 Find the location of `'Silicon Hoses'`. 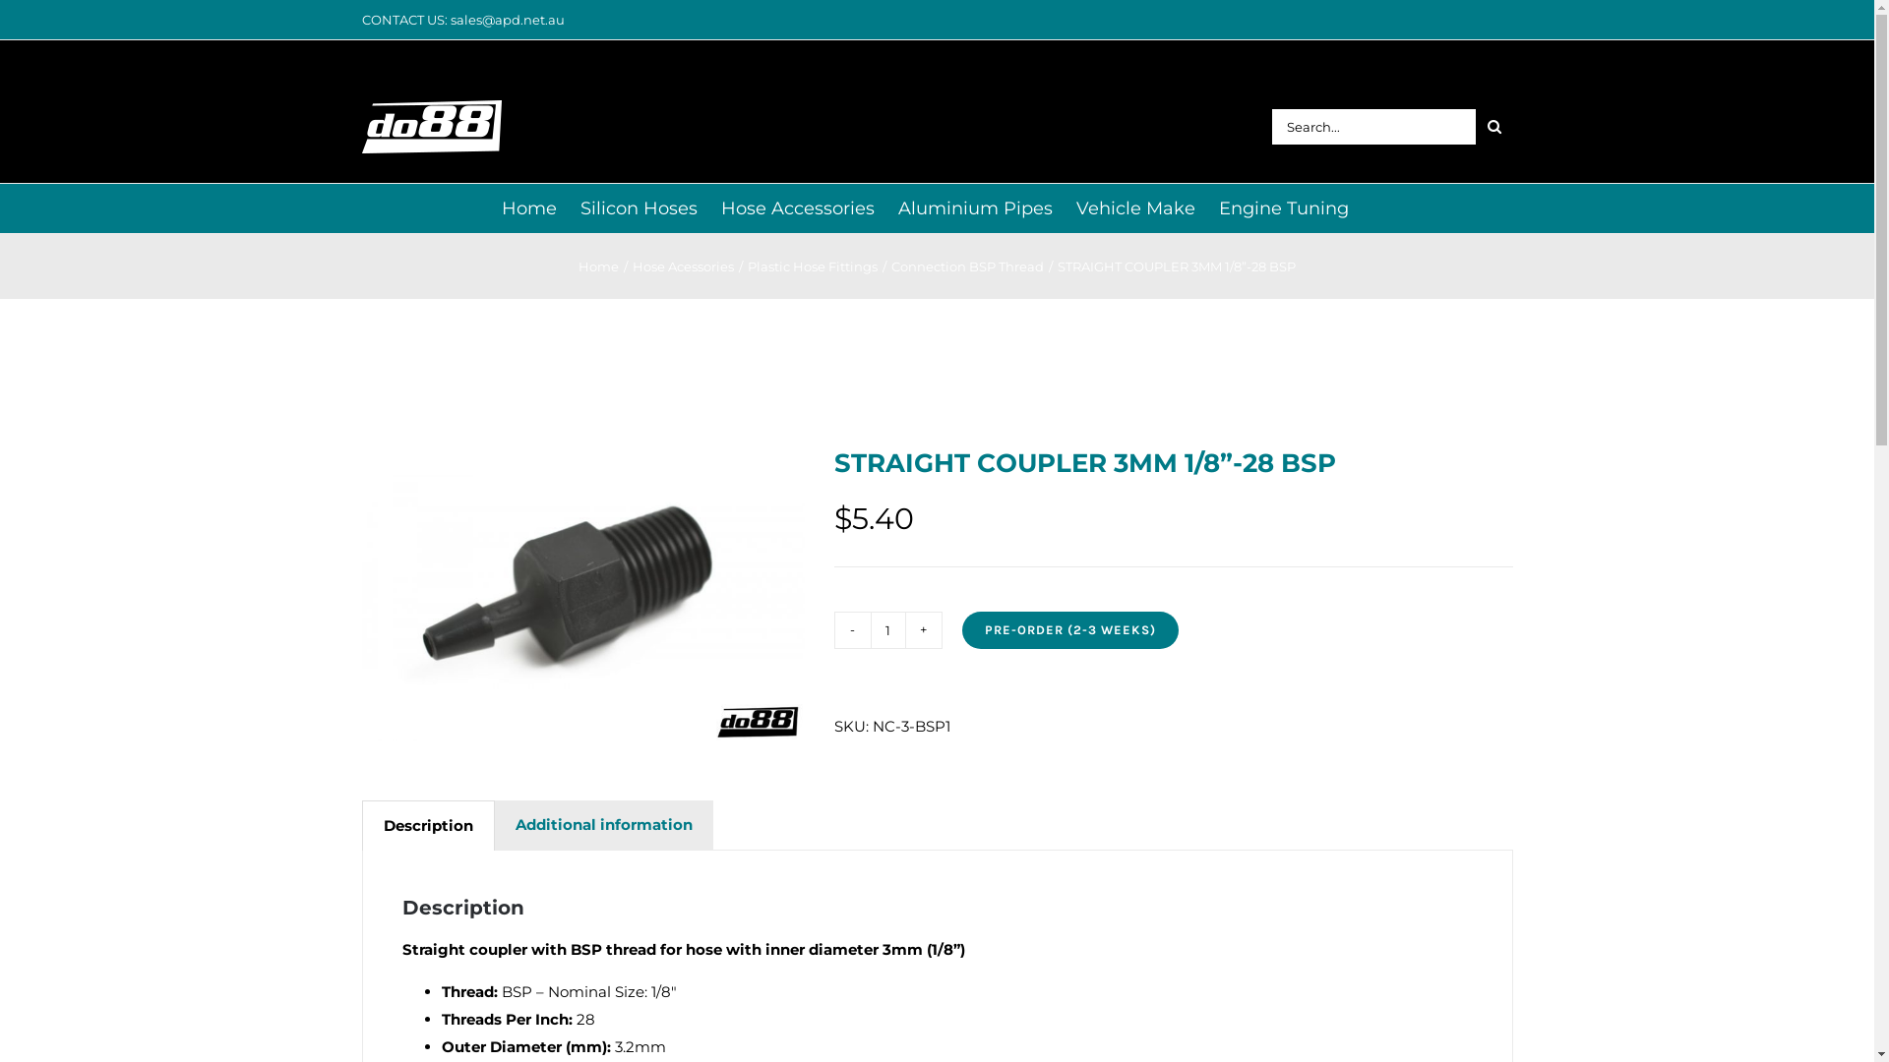

'Silicon Hoses' is located at coordinates (639, 208).